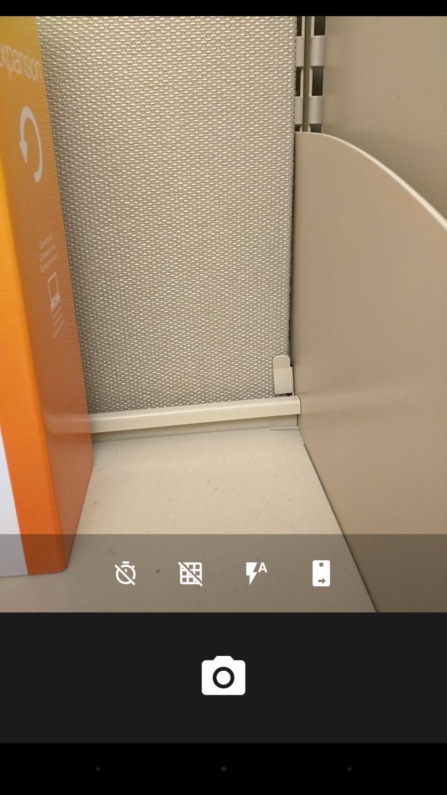 Image resolution: width=447 pixels, height=795 pixels. Describe the element at coordinates (255, 573) in the screenshot. I see `the flash icon` at that location.